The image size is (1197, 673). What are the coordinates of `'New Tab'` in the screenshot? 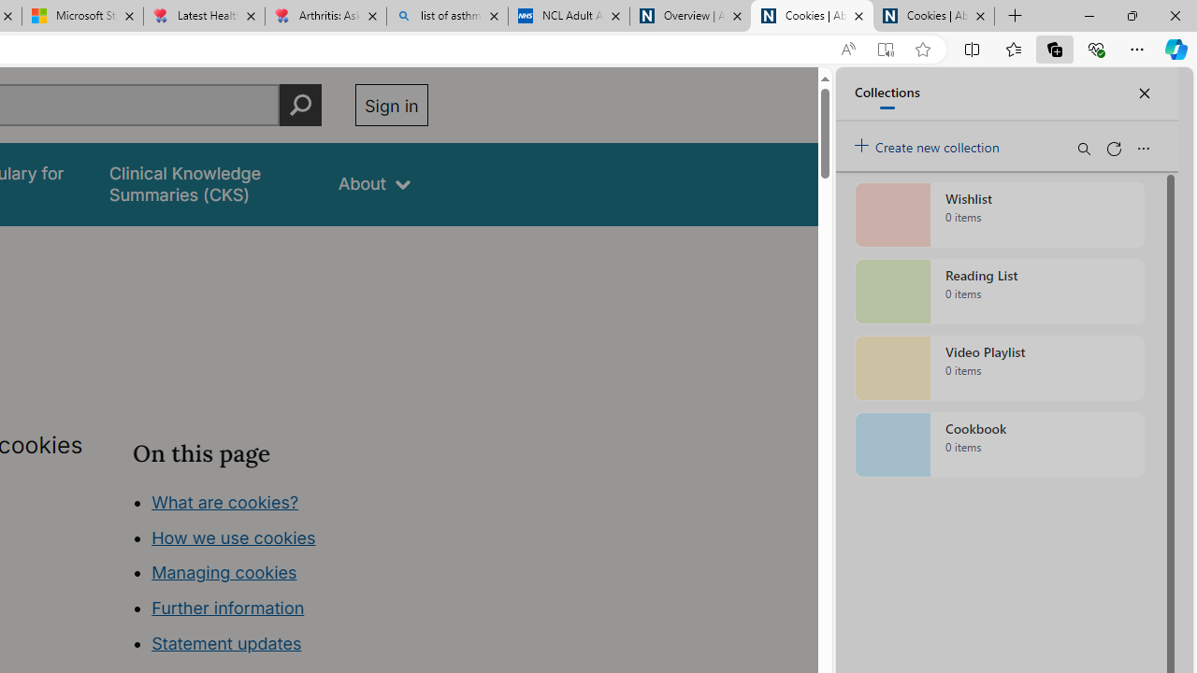 It's located at (1015, 16).